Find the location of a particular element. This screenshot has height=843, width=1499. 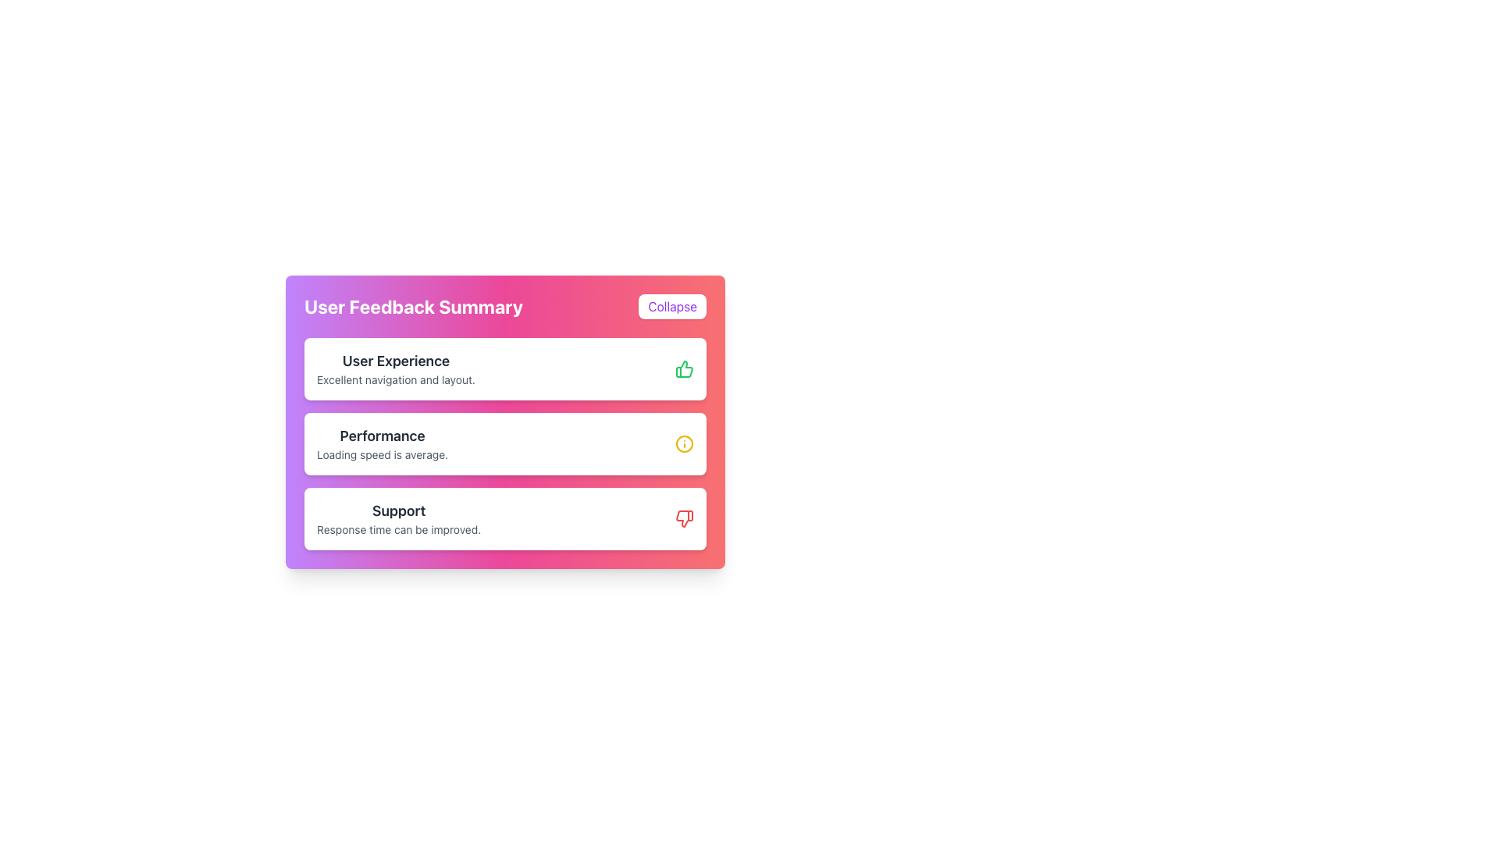

the red thumbs-down icon (SVG graphic) located on the right side of the feedback section labeled 'Support', which indicates dissatisfaction is located at coordinates (685, 518).